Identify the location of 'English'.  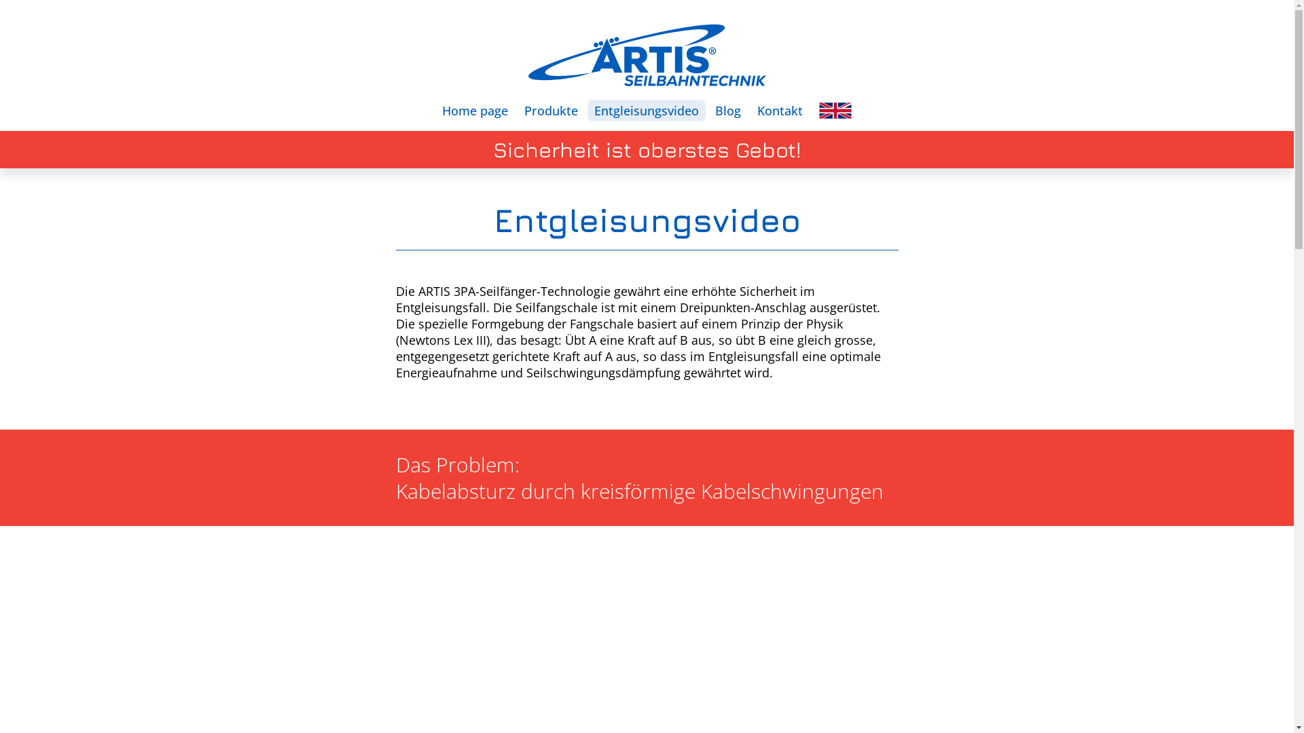
(834, 109).